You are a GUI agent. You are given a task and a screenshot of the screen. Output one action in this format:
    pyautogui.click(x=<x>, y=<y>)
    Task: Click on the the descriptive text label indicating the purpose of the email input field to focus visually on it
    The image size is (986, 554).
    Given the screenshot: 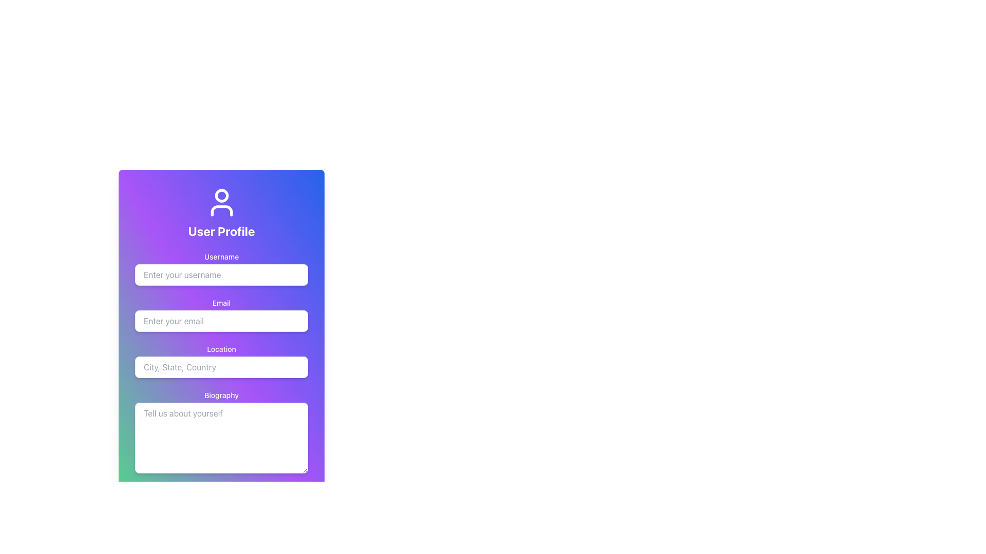 What is the action you would take?
    pyautogui.click(x=221, y=302)
    